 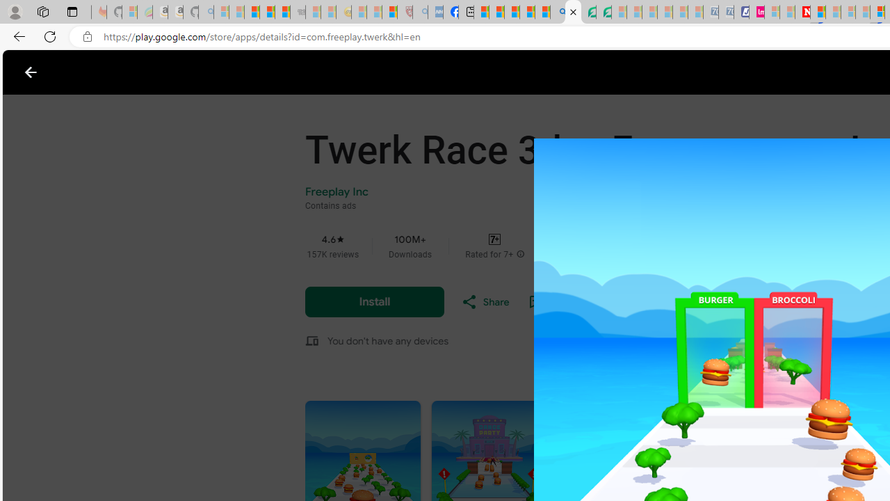 What do you see at coordinates (802, 12) in the screenshot?
I see `'Latest Politics News & Archive | Newsweek.com'` at bounding box center [802, 12].